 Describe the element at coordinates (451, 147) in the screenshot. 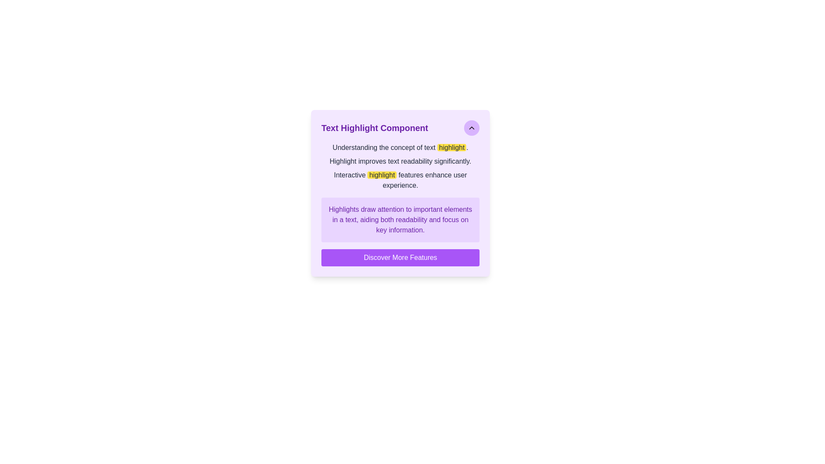

I see `the highlighted word 'highlight' which emphasizes the term in the sentence 'Understanding the concept of text highlight.' located on the right-hand side of the first text line within the purple card area` at that location.